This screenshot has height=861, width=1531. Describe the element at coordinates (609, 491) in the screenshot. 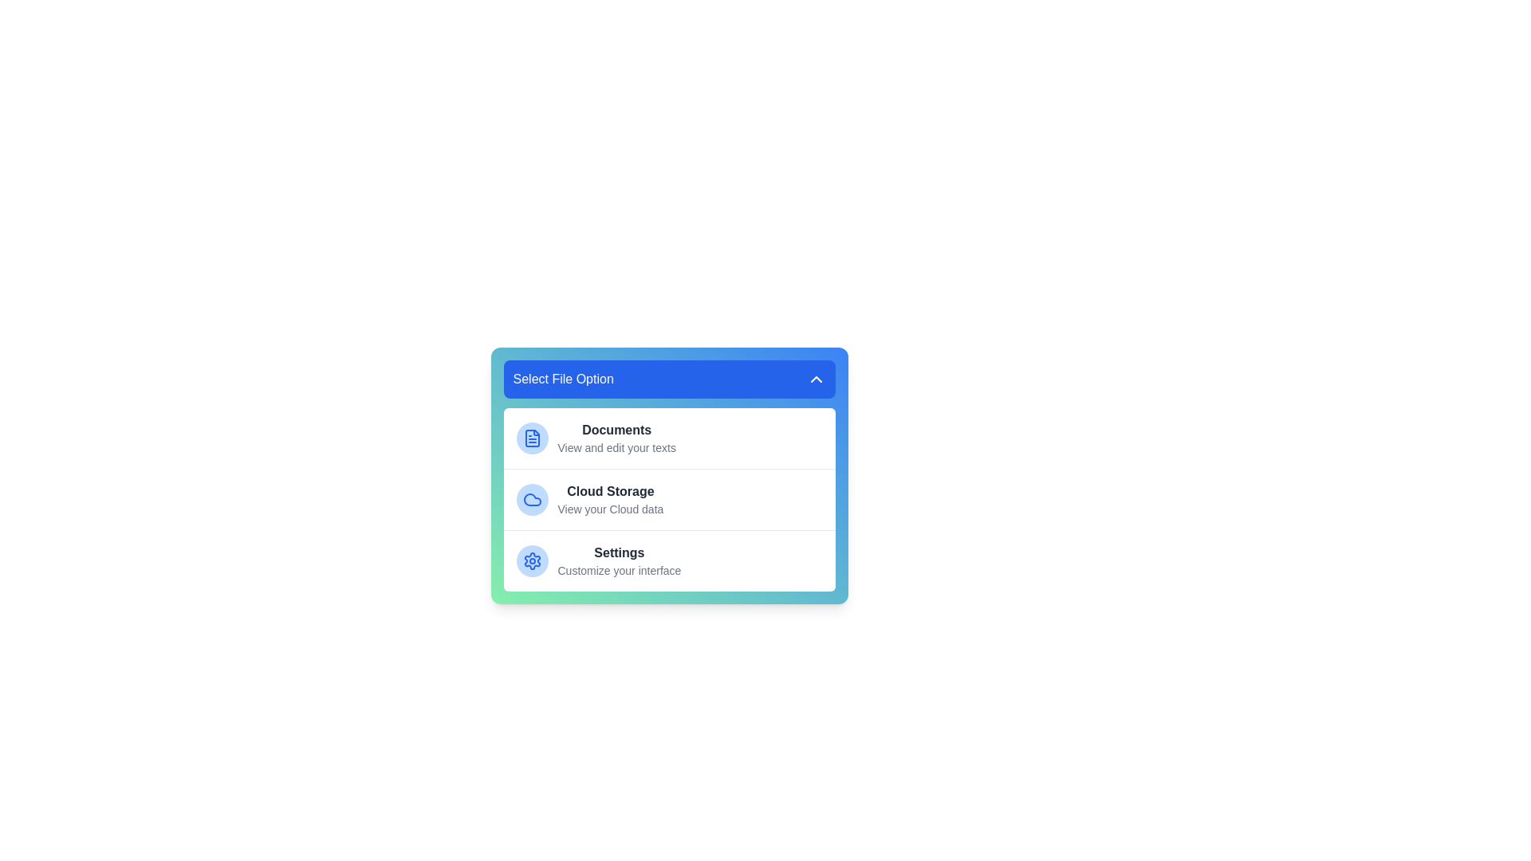

I see `text 'Cloud Storage' from the second option of the 'Select File Option' dropdown menu, which is styled in bold and dark color` at that location.